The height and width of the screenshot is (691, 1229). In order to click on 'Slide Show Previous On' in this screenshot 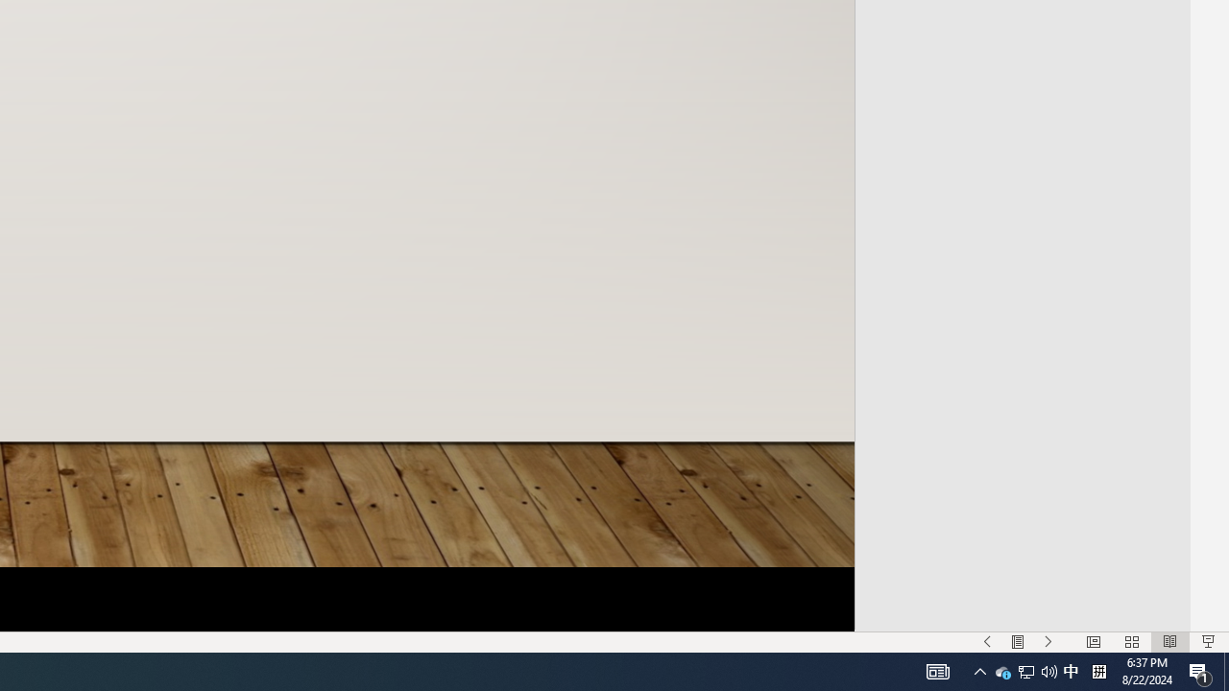, I will do `click(987, 642)`.